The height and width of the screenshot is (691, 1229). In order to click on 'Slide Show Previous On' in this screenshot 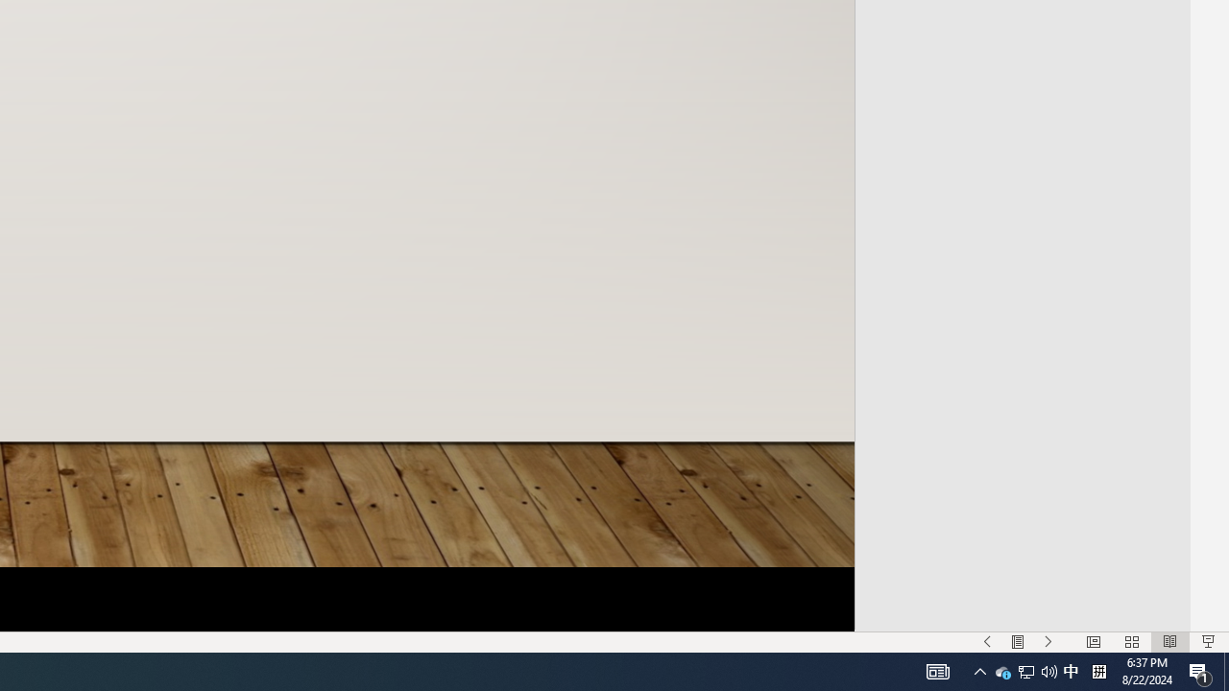, I will do `click(987, 642)`.